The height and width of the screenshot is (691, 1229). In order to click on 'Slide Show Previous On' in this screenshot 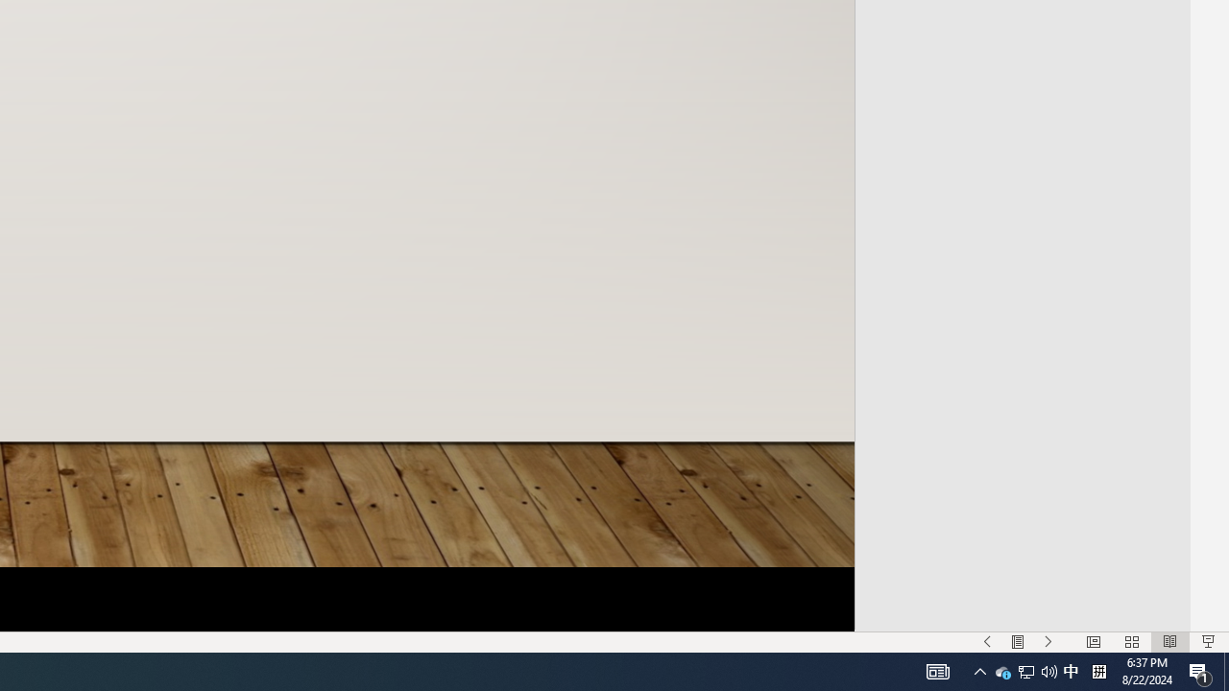, I will do `click(987, 642)`.